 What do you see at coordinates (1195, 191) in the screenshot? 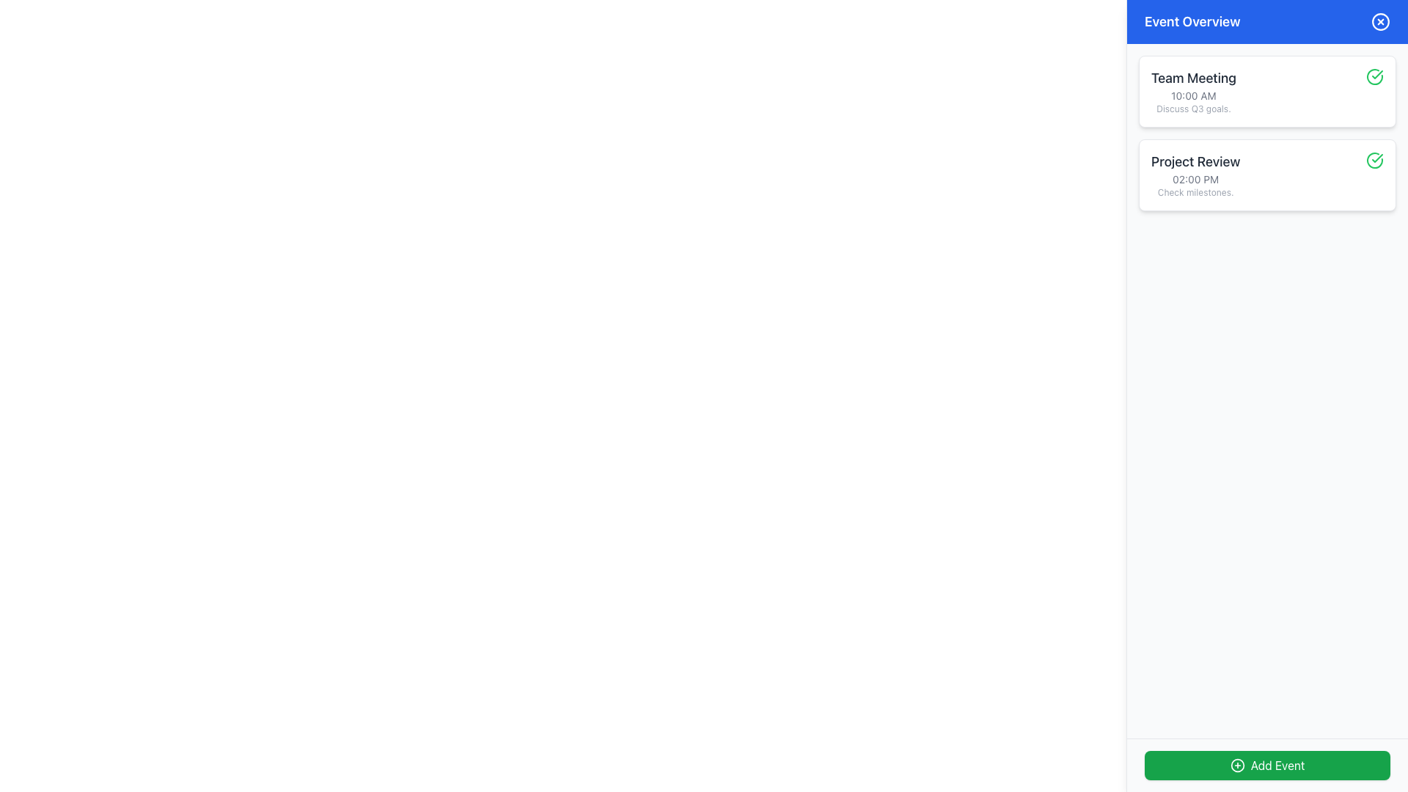
I see `the text label reading 'Check milestones.' located below '02:00 PM' and 'Project Review' in the second card of the right-hand sidebar under 'Event Overview'` at bounding box center [1195, 191].